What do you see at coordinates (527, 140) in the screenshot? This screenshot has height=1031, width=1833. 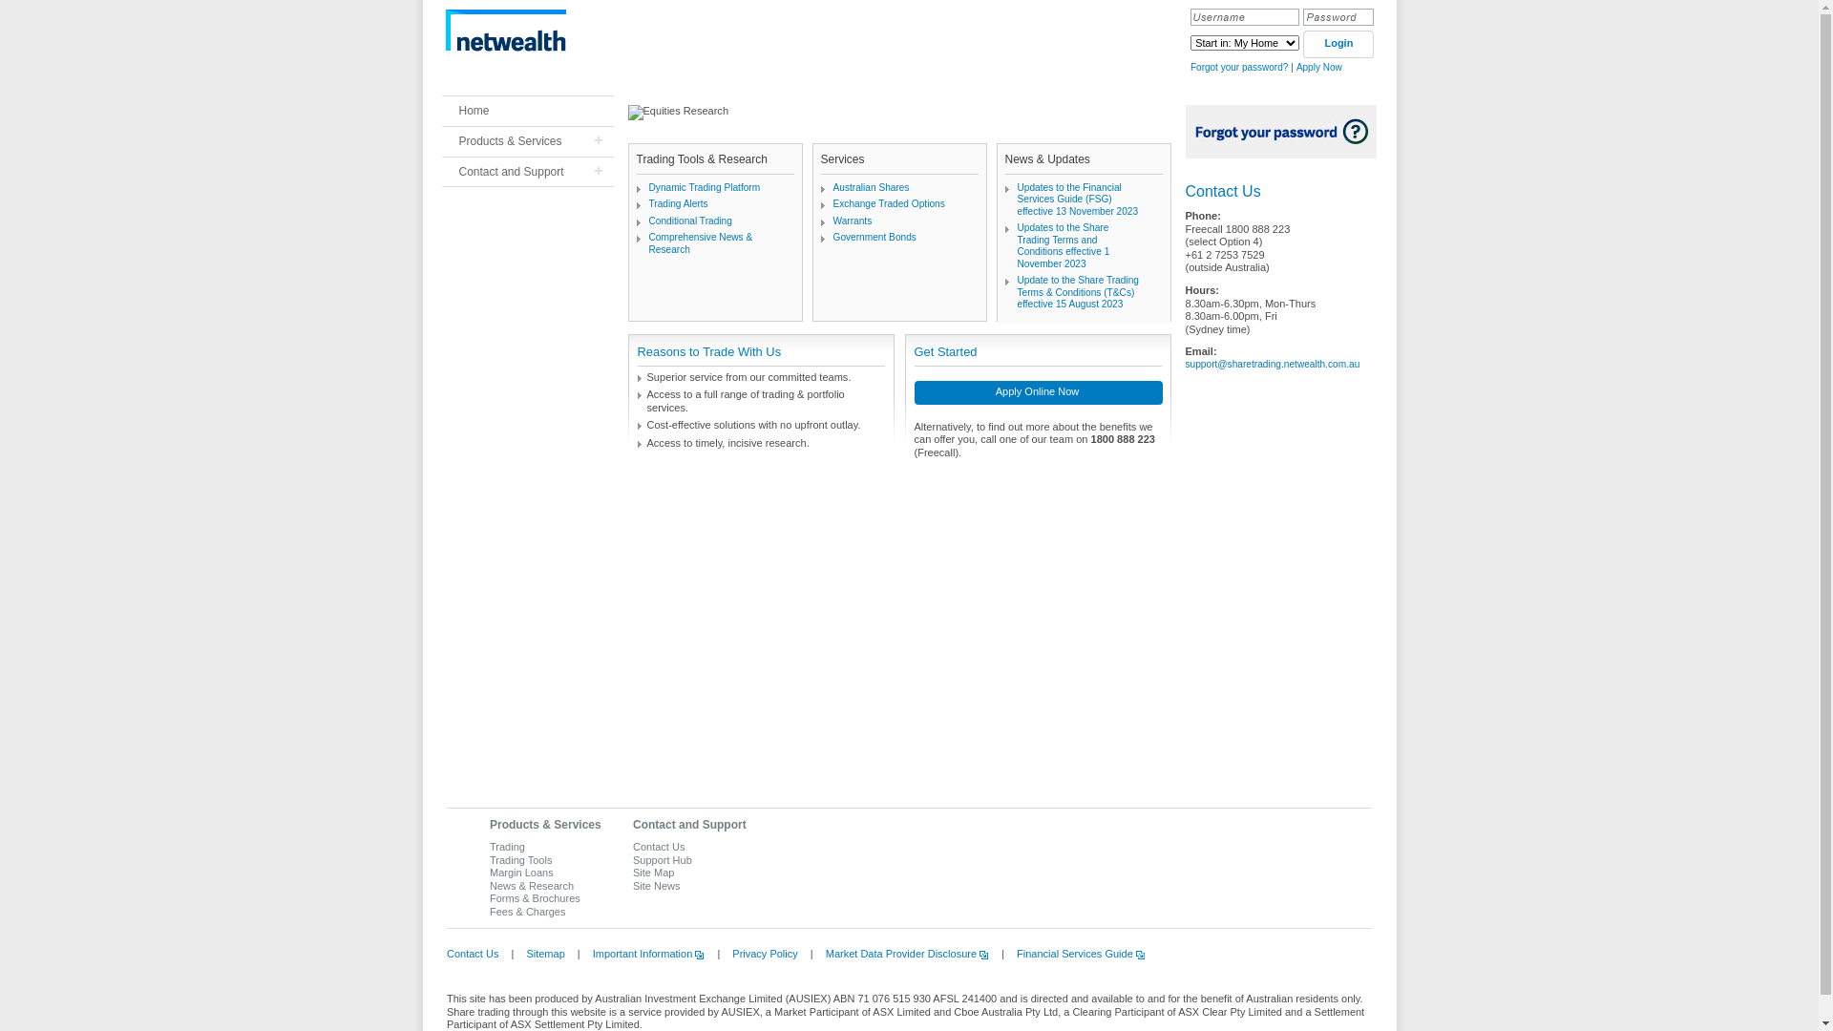 I see `'Products & Services'` at bounding box center [527, 140].